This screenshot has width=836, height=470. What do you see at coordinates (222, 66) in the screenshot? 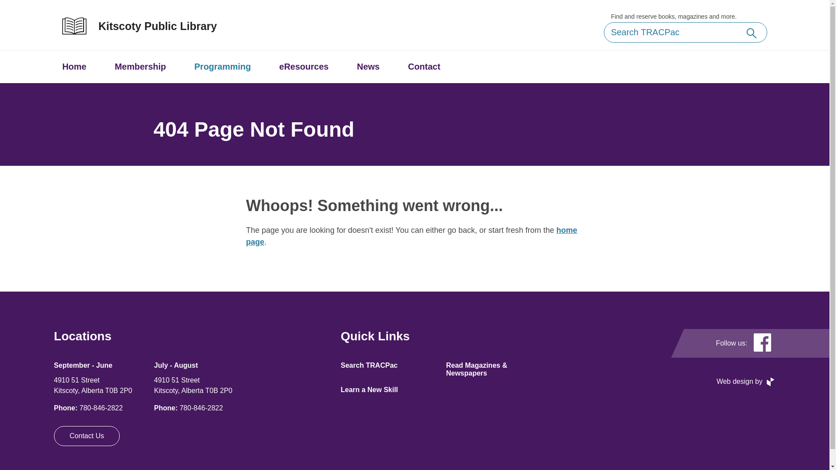
I see `'Programming'` at bounding box center [222, 66].